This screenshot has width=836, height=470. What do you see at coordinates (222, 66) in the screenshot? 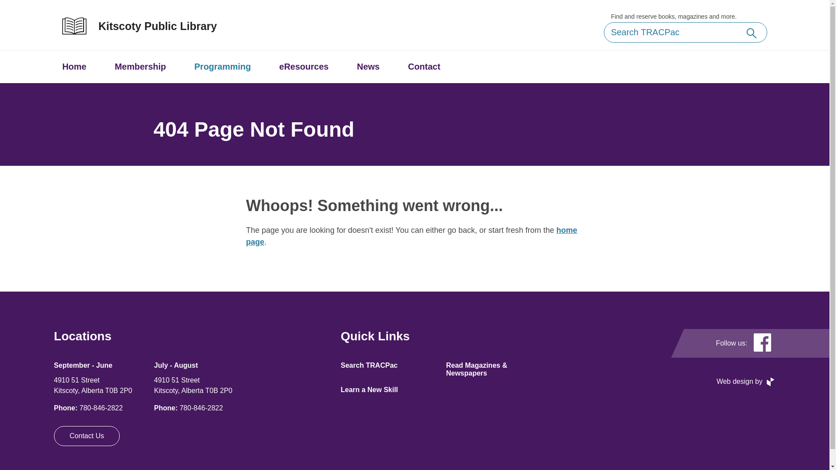
I see `'Programming'` at bounding box center [222, 66].